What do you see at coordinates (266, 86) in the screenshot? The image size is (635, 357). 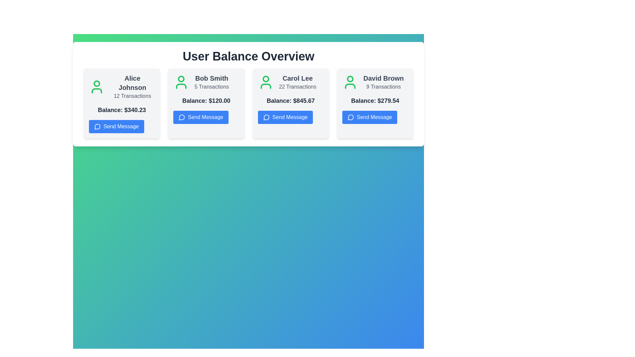 I see `green-colored user icon located in the header of the third user card from the left, situated directly above the text 'Carol Lee'` at bounding box center [266, 86].